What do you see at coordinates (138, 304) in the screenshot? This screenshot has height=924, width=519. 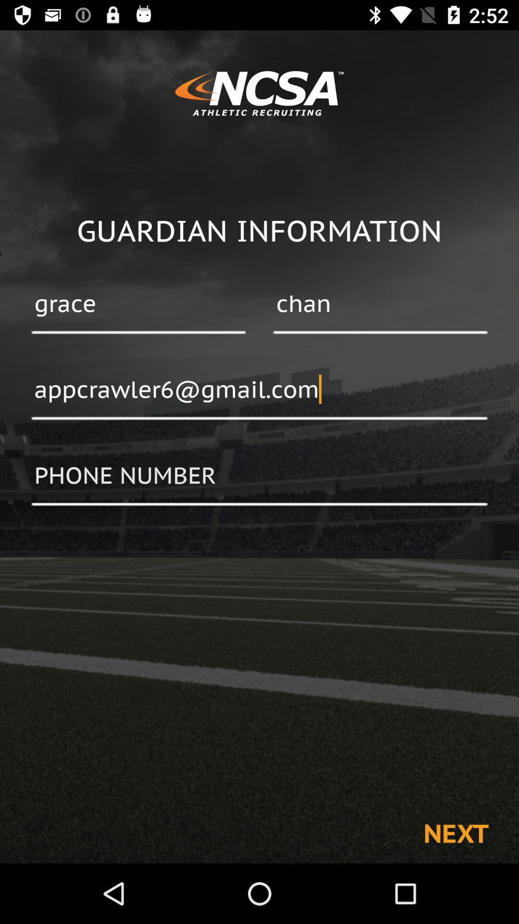 I see `grace item` at bounding box center [138, 304].